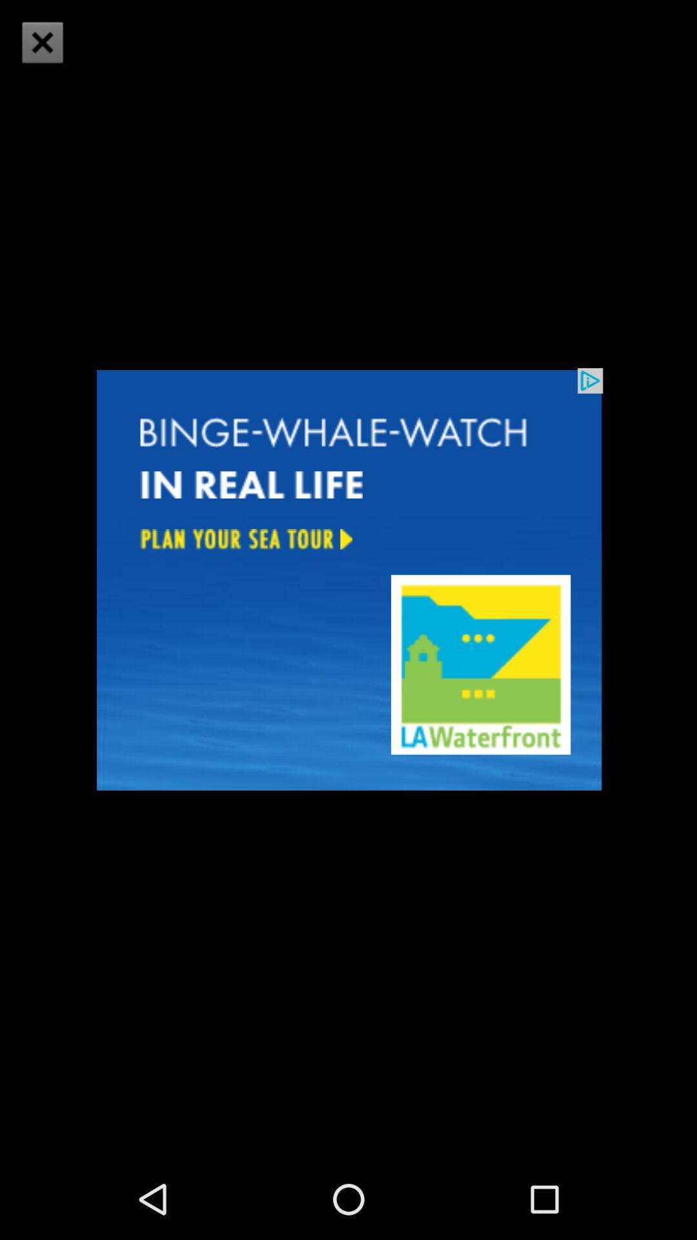  What do you see at coordinates (59, 63) in the screenshot?
I see `the close icon` at bounding box center [59, 63].